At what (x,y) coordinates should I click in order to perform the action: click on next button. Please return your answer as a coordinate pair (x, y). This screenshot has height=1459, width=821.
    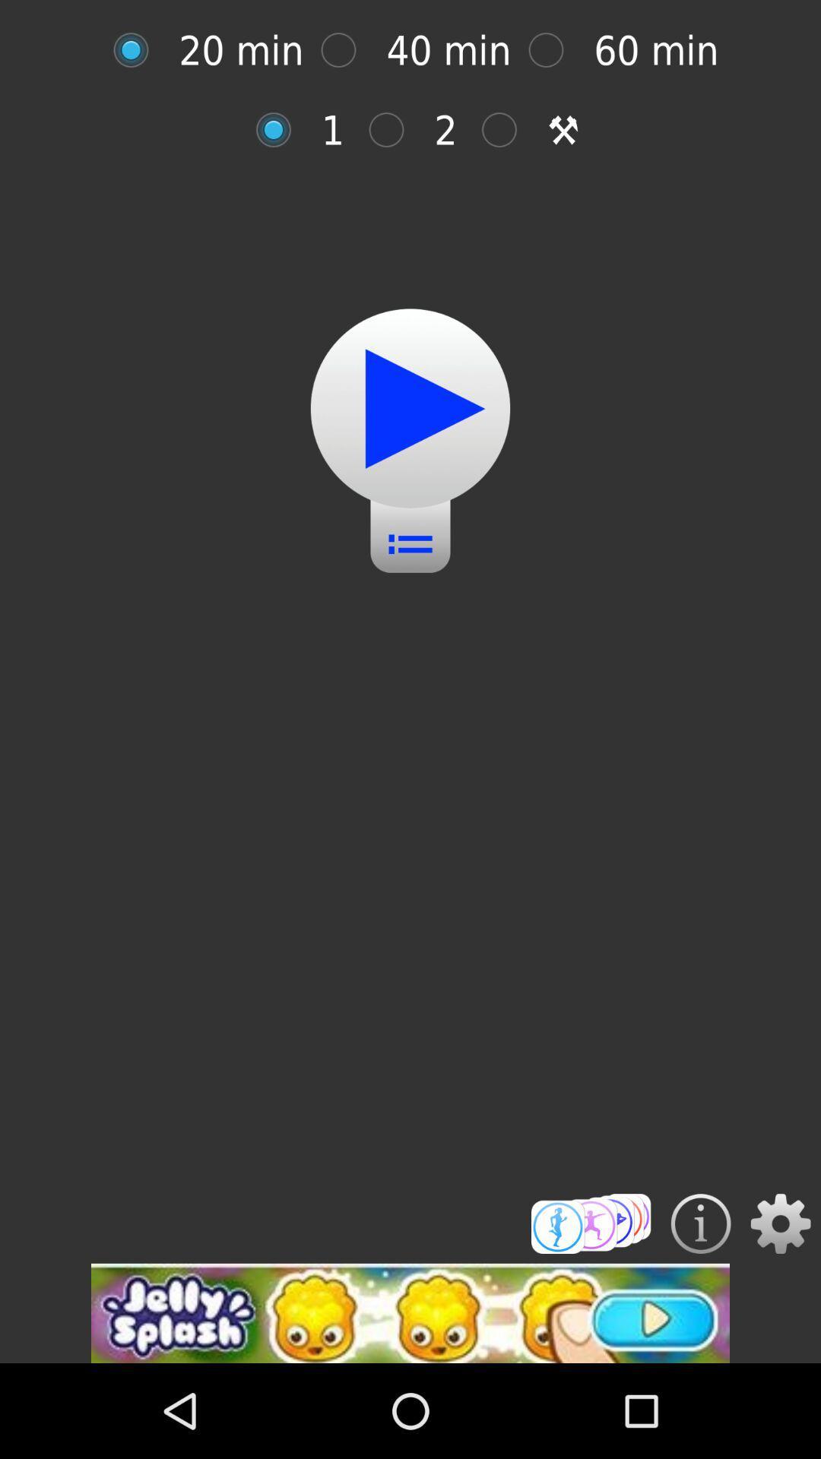
    Looking at the image, I should click on (410, 408).